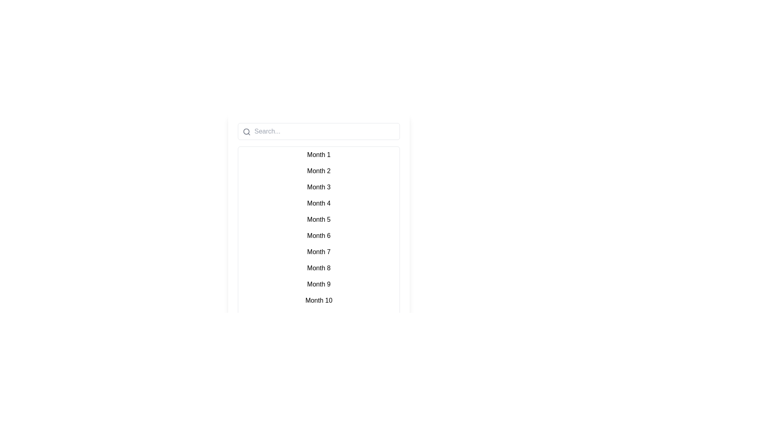 The height and width of the screenshot is (437, 778). What do you see at coordinates (246, 132) in the screenshot?
I see `the search icon, which is a thin-line magnifying glass styled in grayscale, positioned at the top-left corner of the search input box containing the placeholder text 'Search...'` at bounding box center [246, 132].